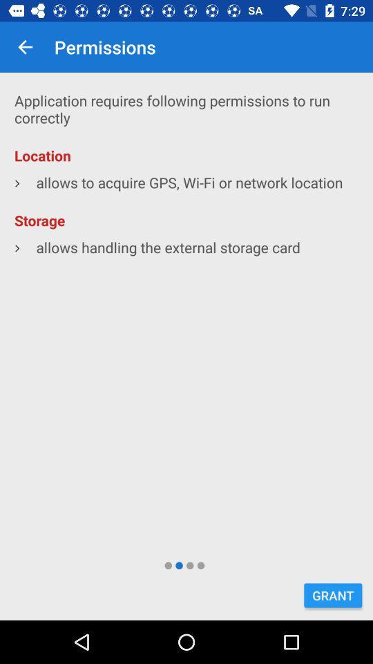 The width and height of the screenshot is (373, 664). I want to click on grant icon, so click(332, 595).